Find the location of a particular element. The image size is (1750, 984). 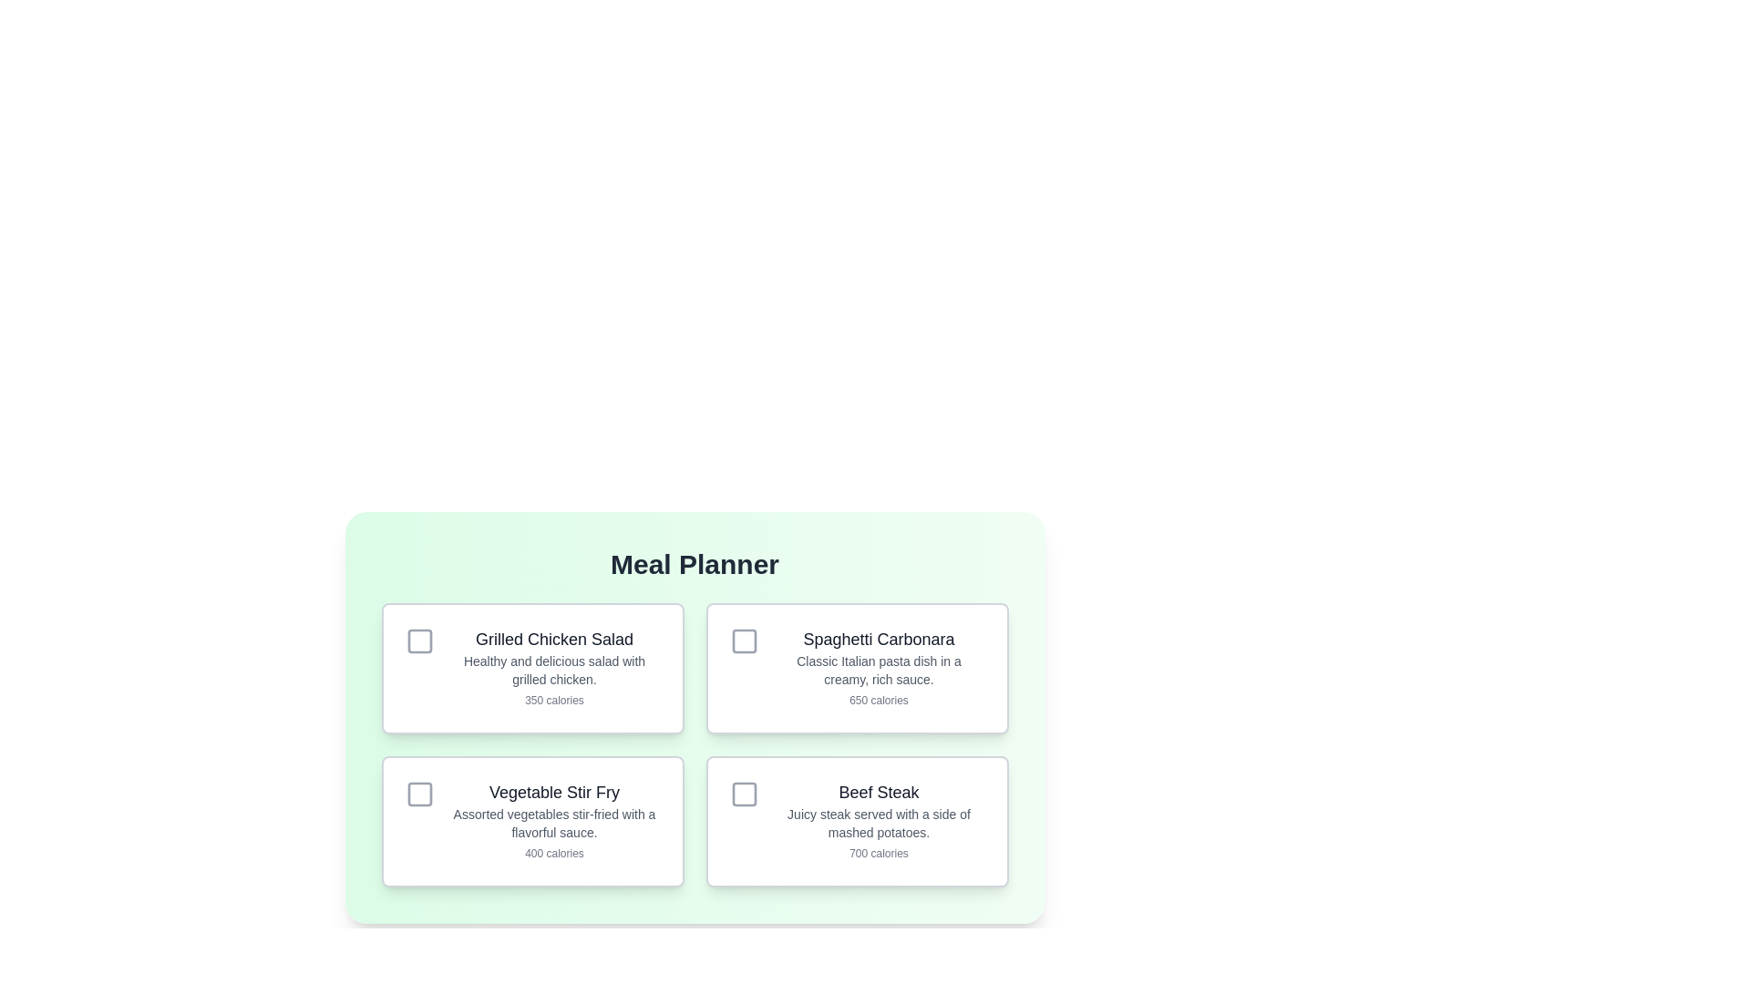

the text label displaying '400 calories' located at the bottom of the description box for the 'Vegetable Stir Fry' meal is located at coordinates (553, 854).